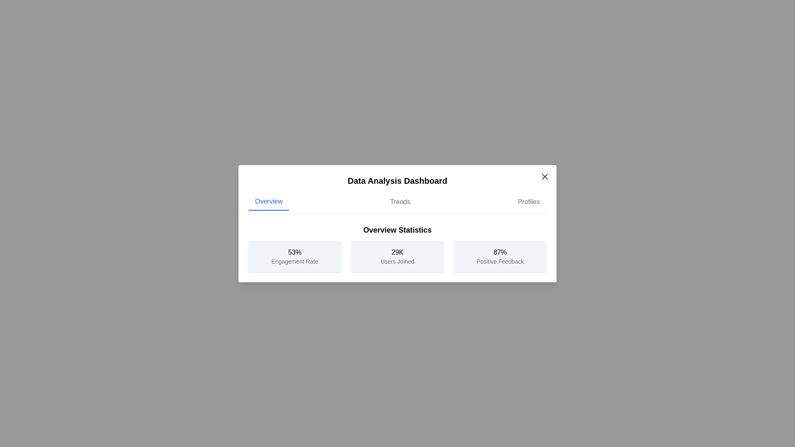  What do you see at coordinates (397, 261) in the screenshot?
I see `the 'Users Joined' text label, which is styled in small gray font and positioned below the larger text '29K' in the middle panel of a three-panel layout` at bounding box center [397, 261].